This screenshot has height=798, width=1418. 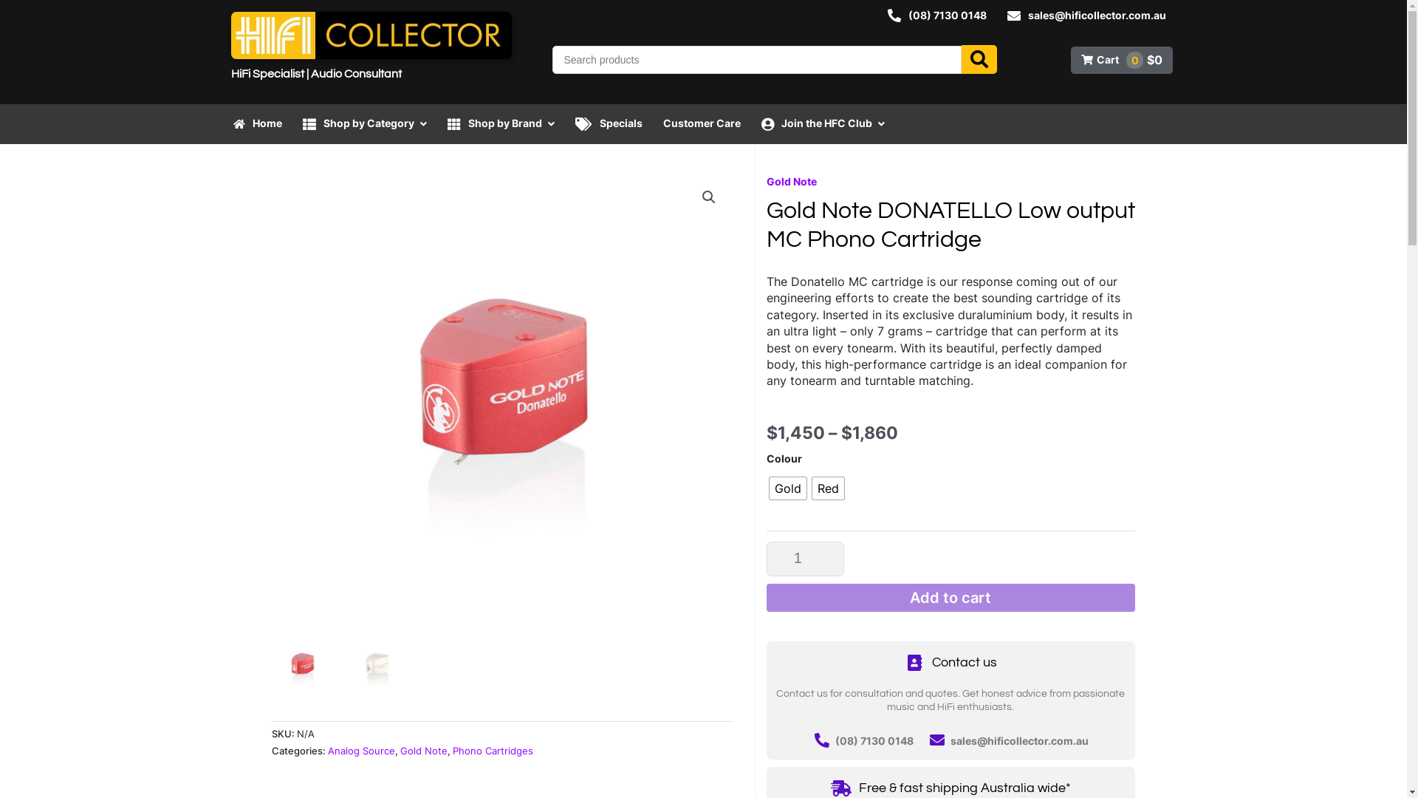 What do you see at coordinates (222, 122) in the screenshot?
I see `'Home'` at bounding box center [222, 122].